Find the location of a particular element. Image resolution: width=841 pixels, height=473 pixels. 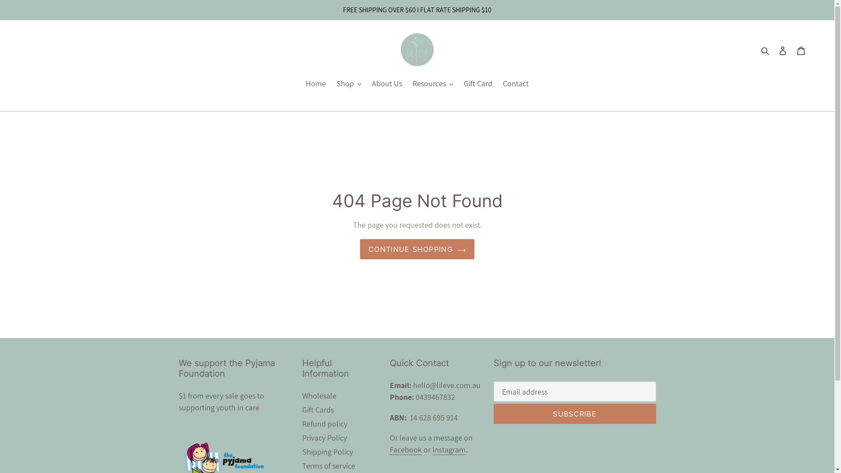

'Gift Cards' is located at coordinates (317, 409).